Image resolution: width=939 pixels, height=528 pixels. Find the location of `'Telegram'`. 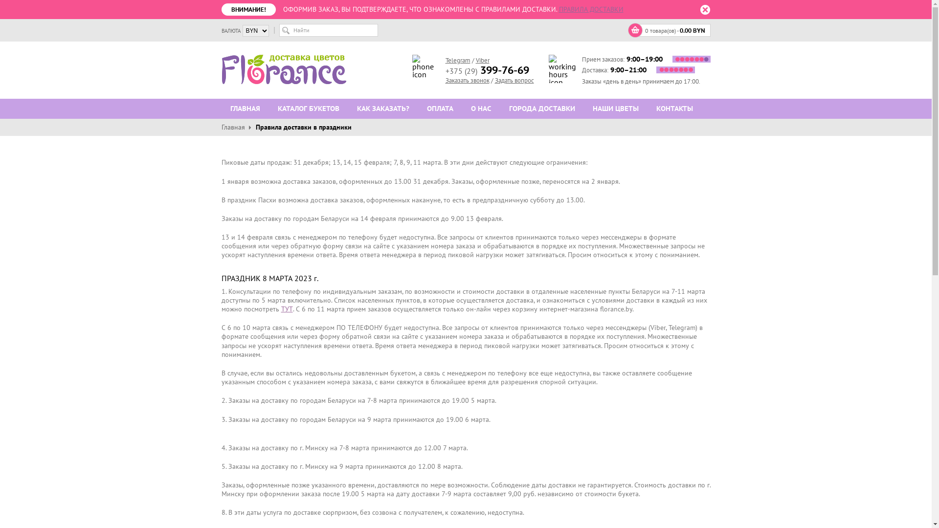

'Telegram' is located at coordinates (457, 60).